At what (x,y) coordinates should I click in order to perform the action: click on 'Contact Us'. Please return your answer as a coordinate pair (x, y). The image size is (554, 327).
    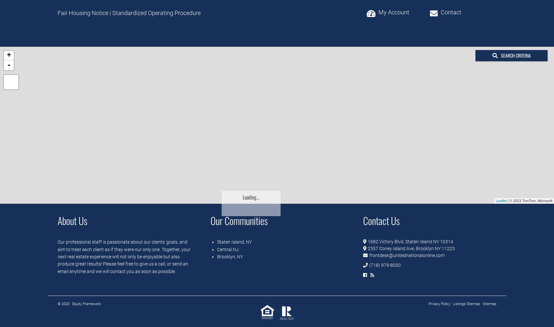
    Looking at the image, I should click on (381, 220).